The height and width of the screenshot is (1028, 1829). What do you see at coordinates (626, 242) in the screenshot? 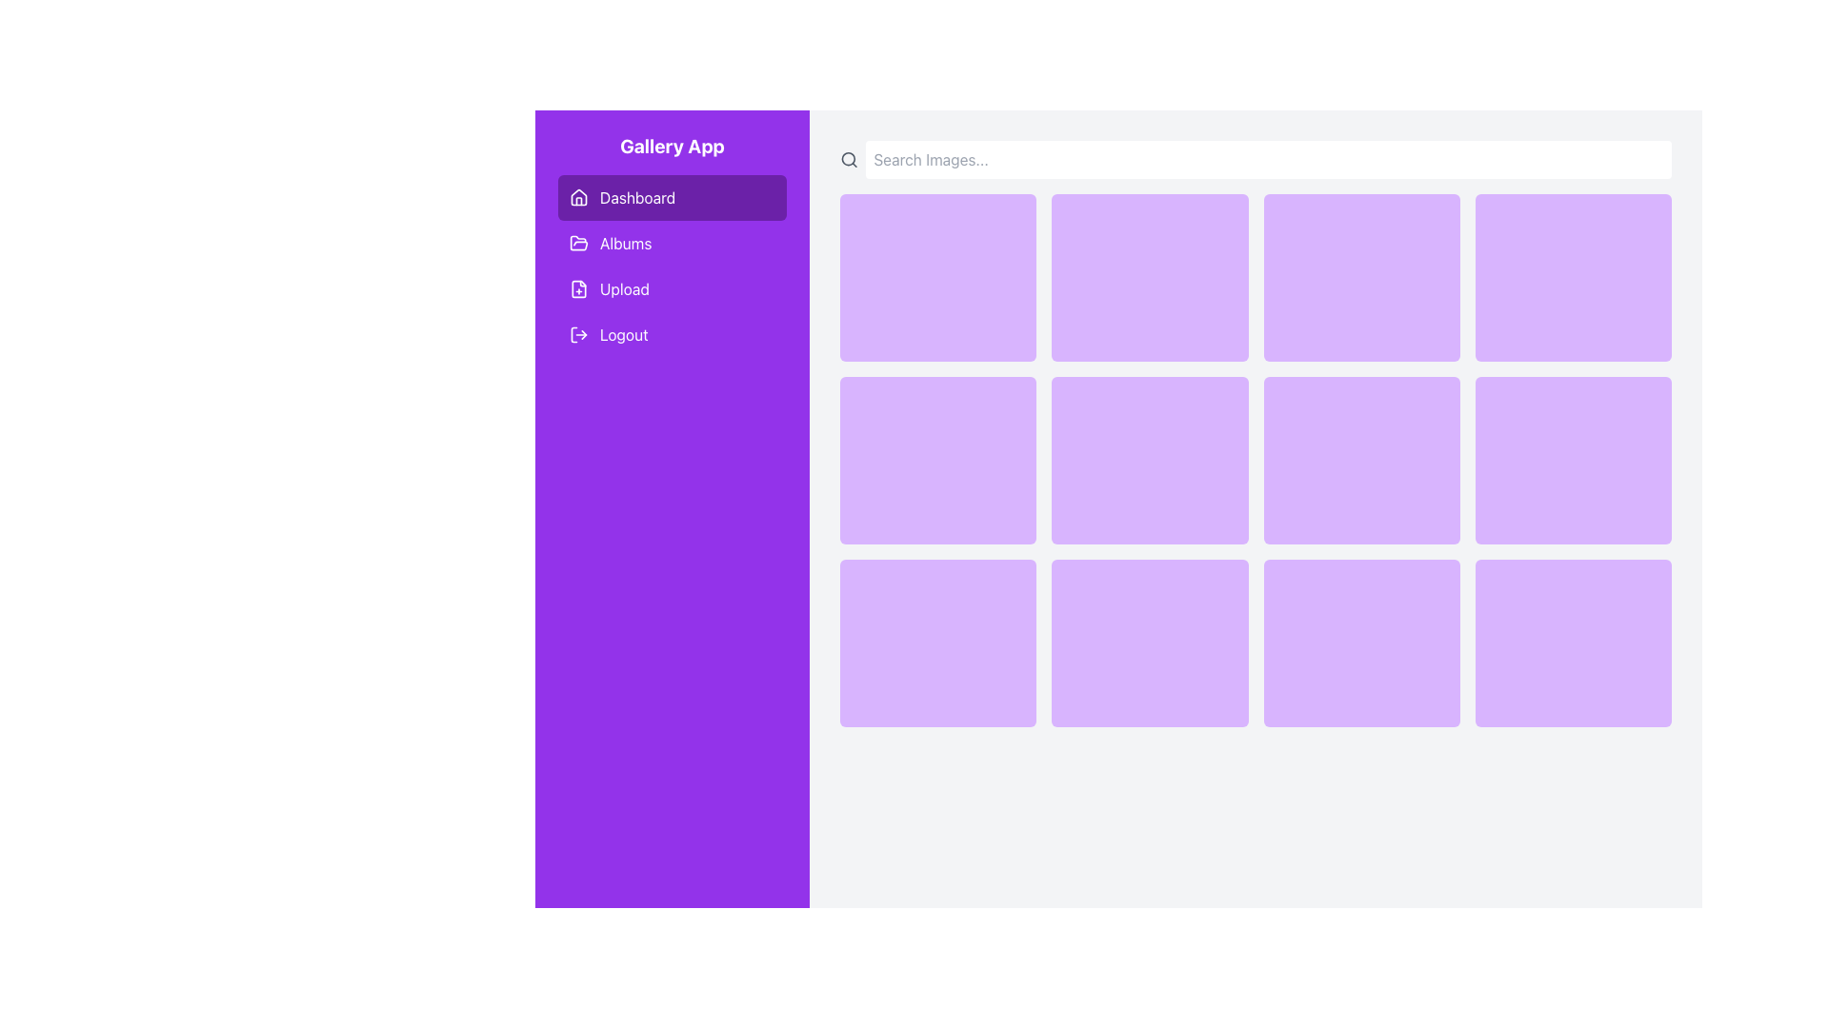
I see `the static text label displaying 'Albums' within the left sidebar's vertical menu, which has a purple background and is located between 'Dashboard' and 'Upload'` at bounding box center [626, 242].